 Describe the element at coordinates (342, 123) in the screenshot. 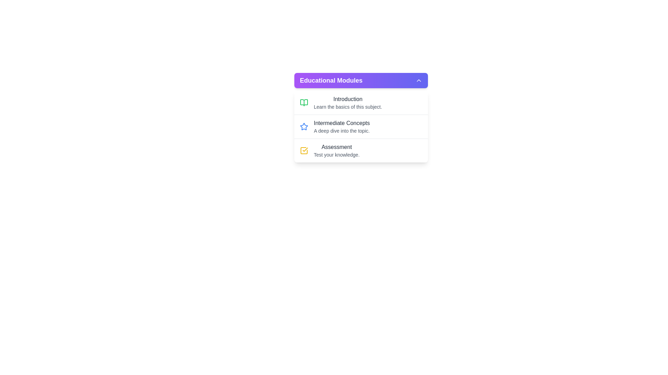

I see `the text element displaying 'Intermediate Concepts', which is centrally aligned and styled in gray, positioned above the text 'A deep dive into the topic.'` at that location.